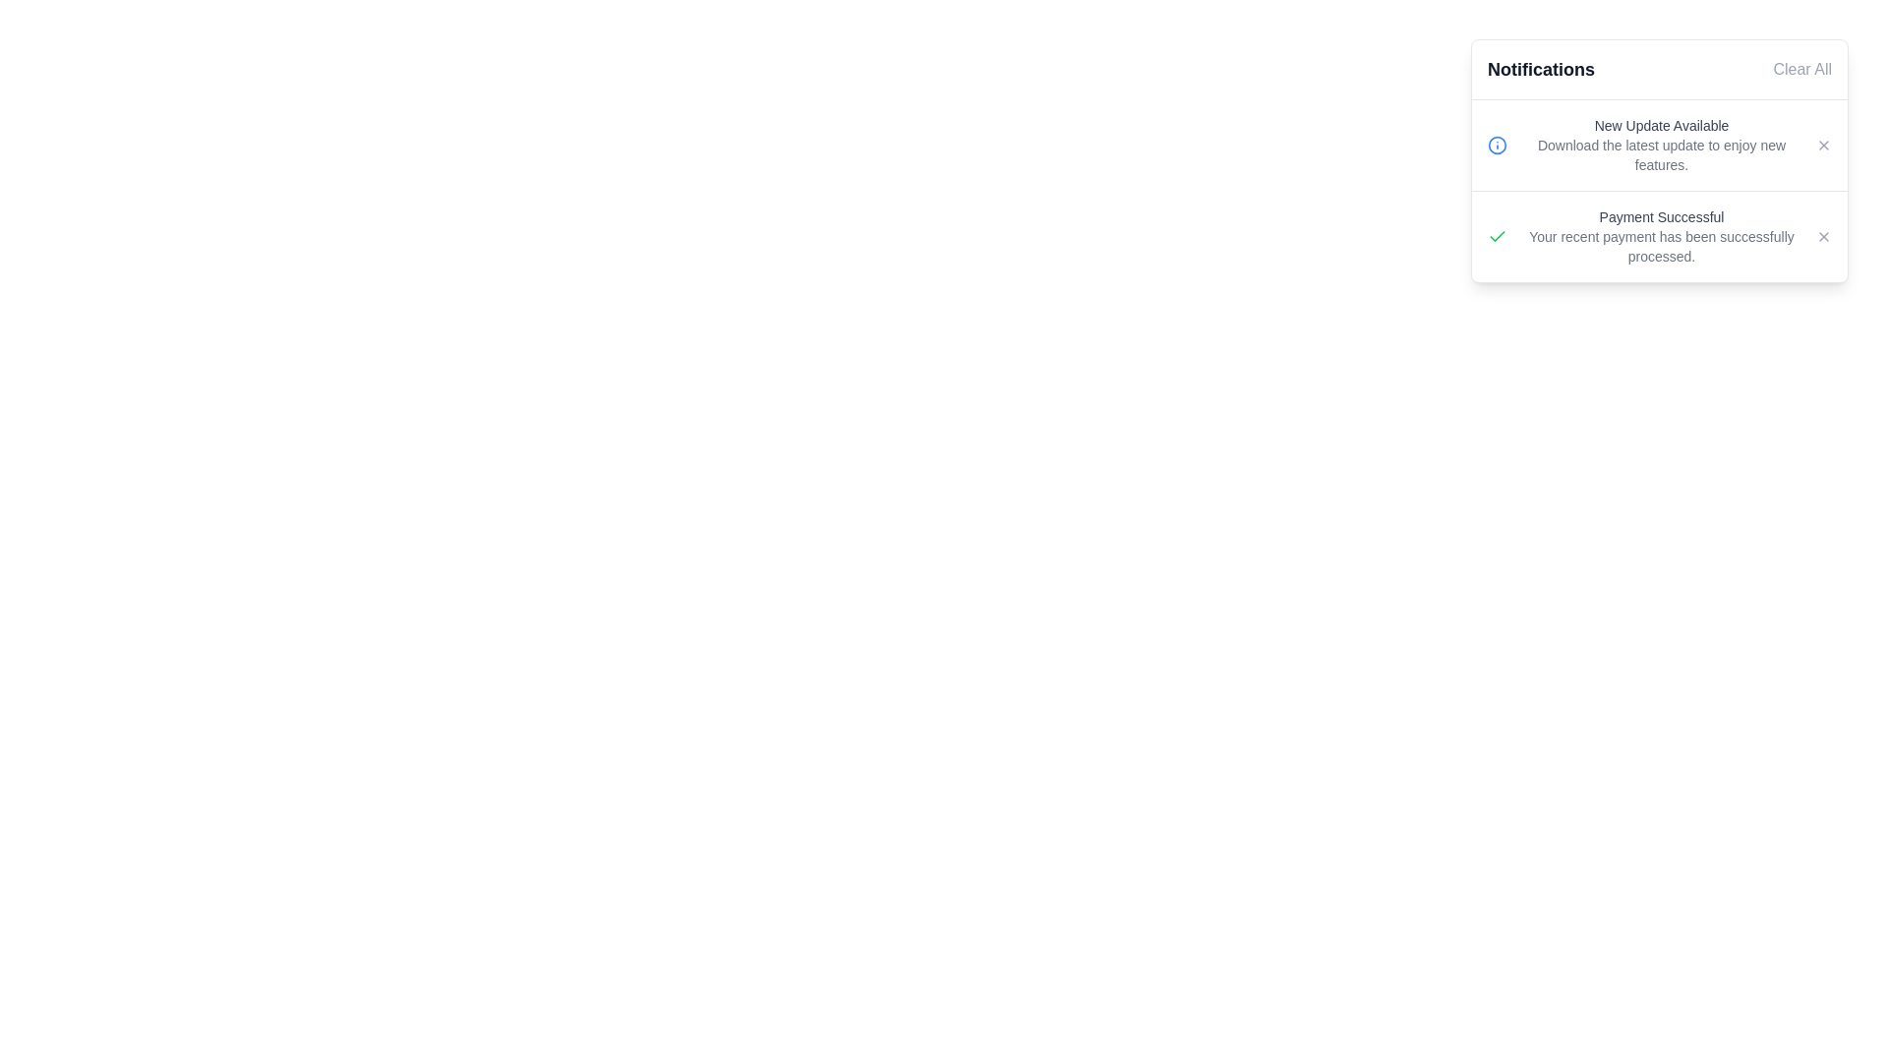 The width and height of the screenshot is (1888, 1062). I want to click on the static text providing additional details about the 'New Update Available' notification in the right-side notification panel, so click(1660, 154).